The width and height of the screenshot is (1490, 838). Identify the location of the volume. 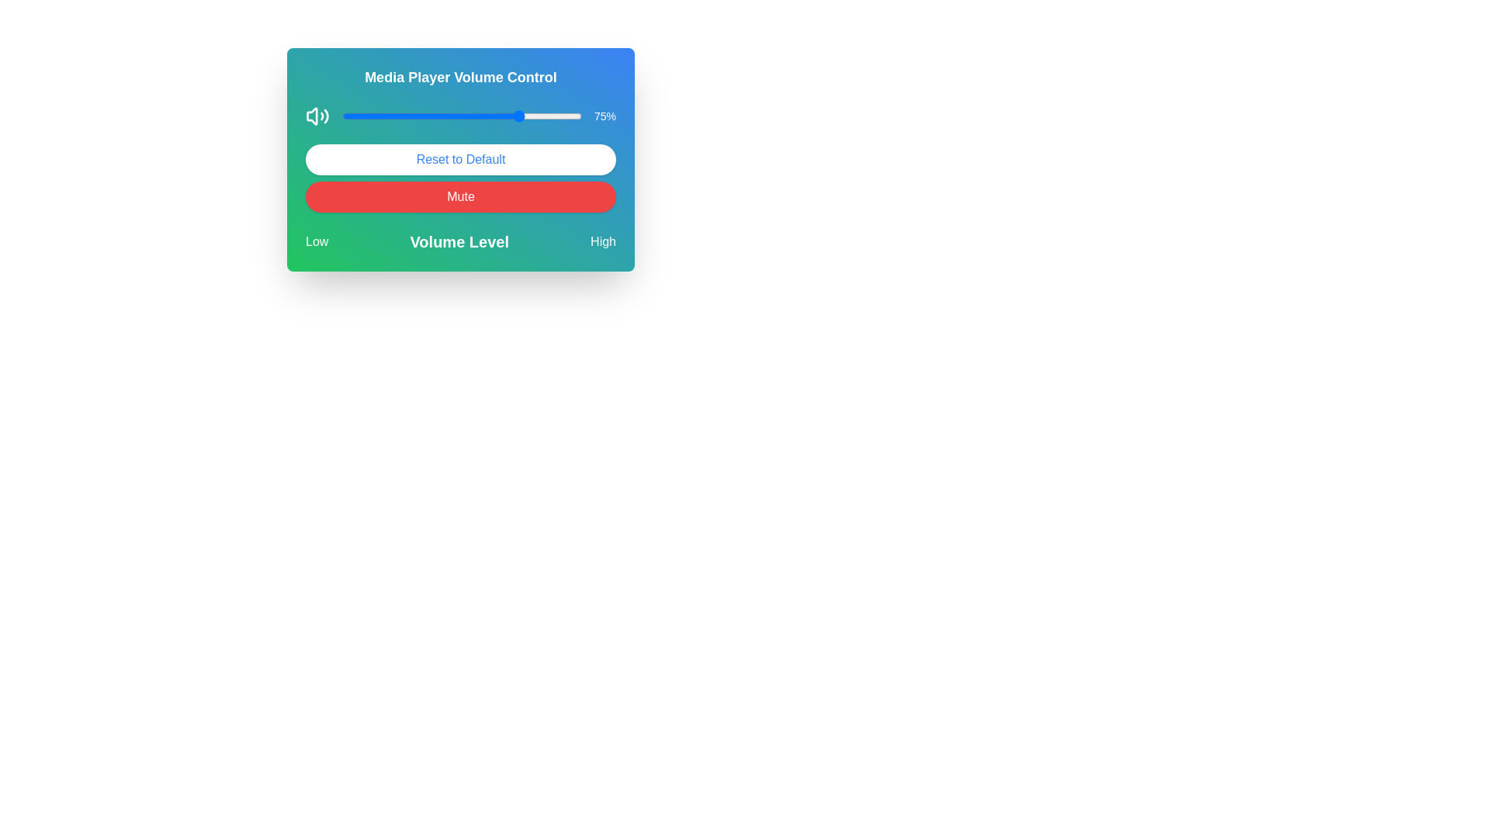
(351, 116).